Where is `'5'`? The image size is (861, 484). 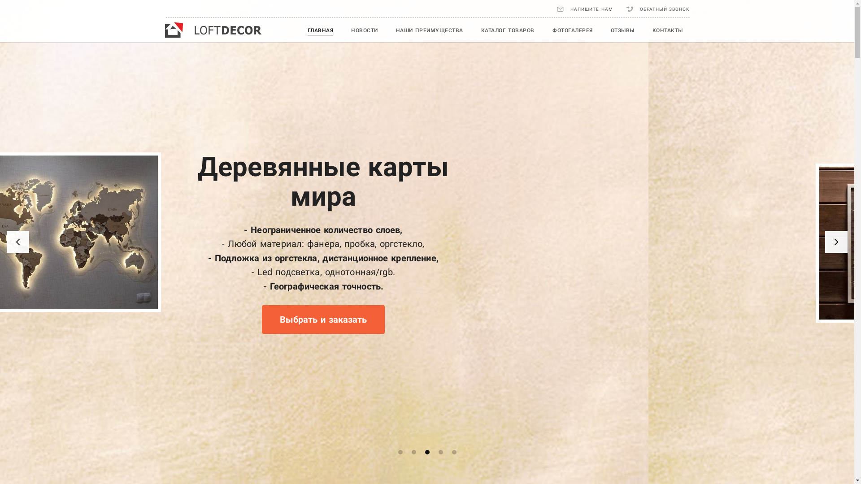
'5' is located at coordinates (454, 452).